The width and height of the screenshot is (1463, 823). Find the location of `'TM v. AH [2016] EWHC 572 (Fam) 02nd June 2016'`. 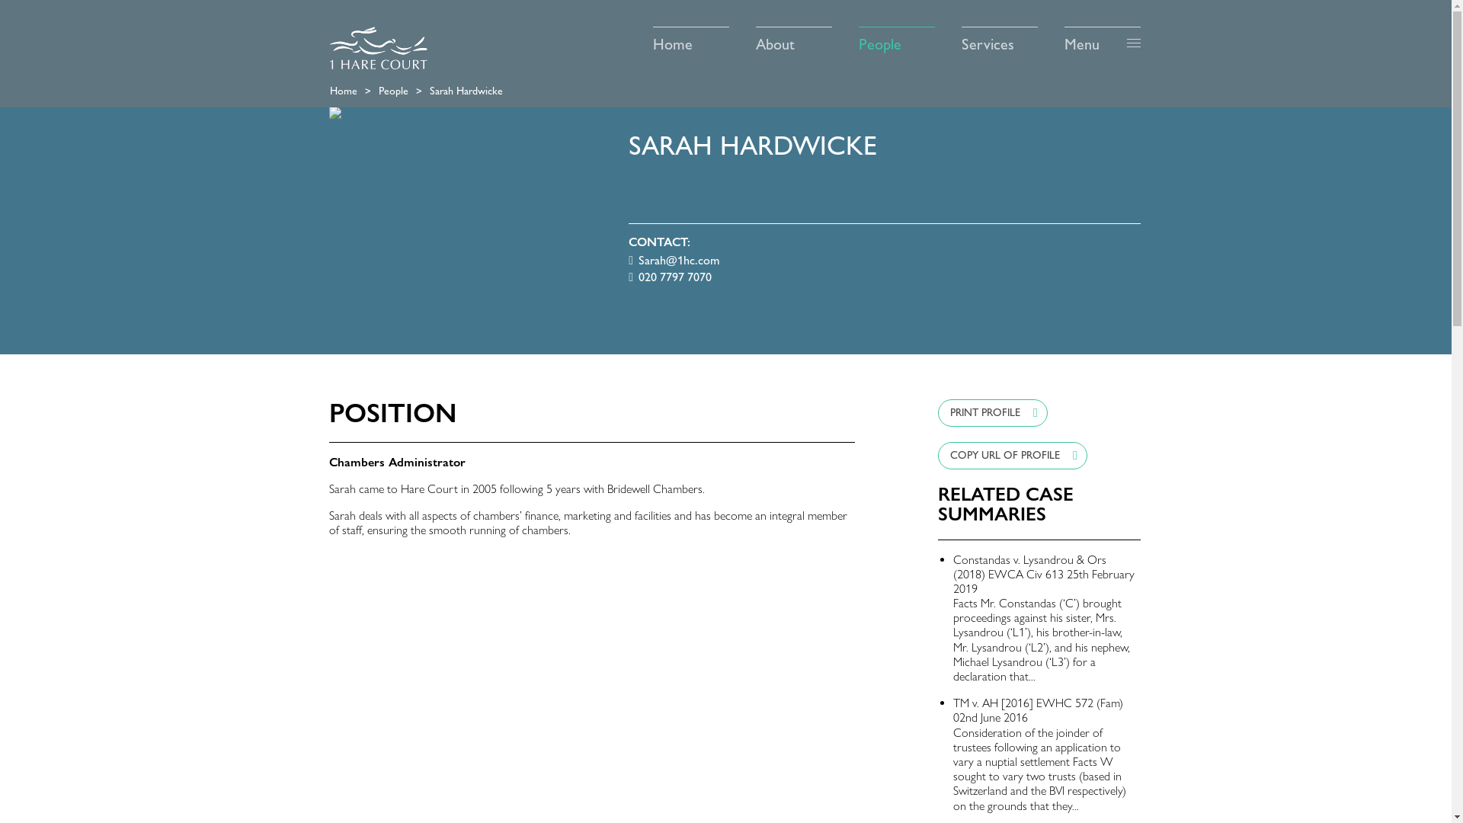

'TM v. AH [2016] EWHC 572 (Fam) 02nd June 2016' is located at coordinates (1037, 710).